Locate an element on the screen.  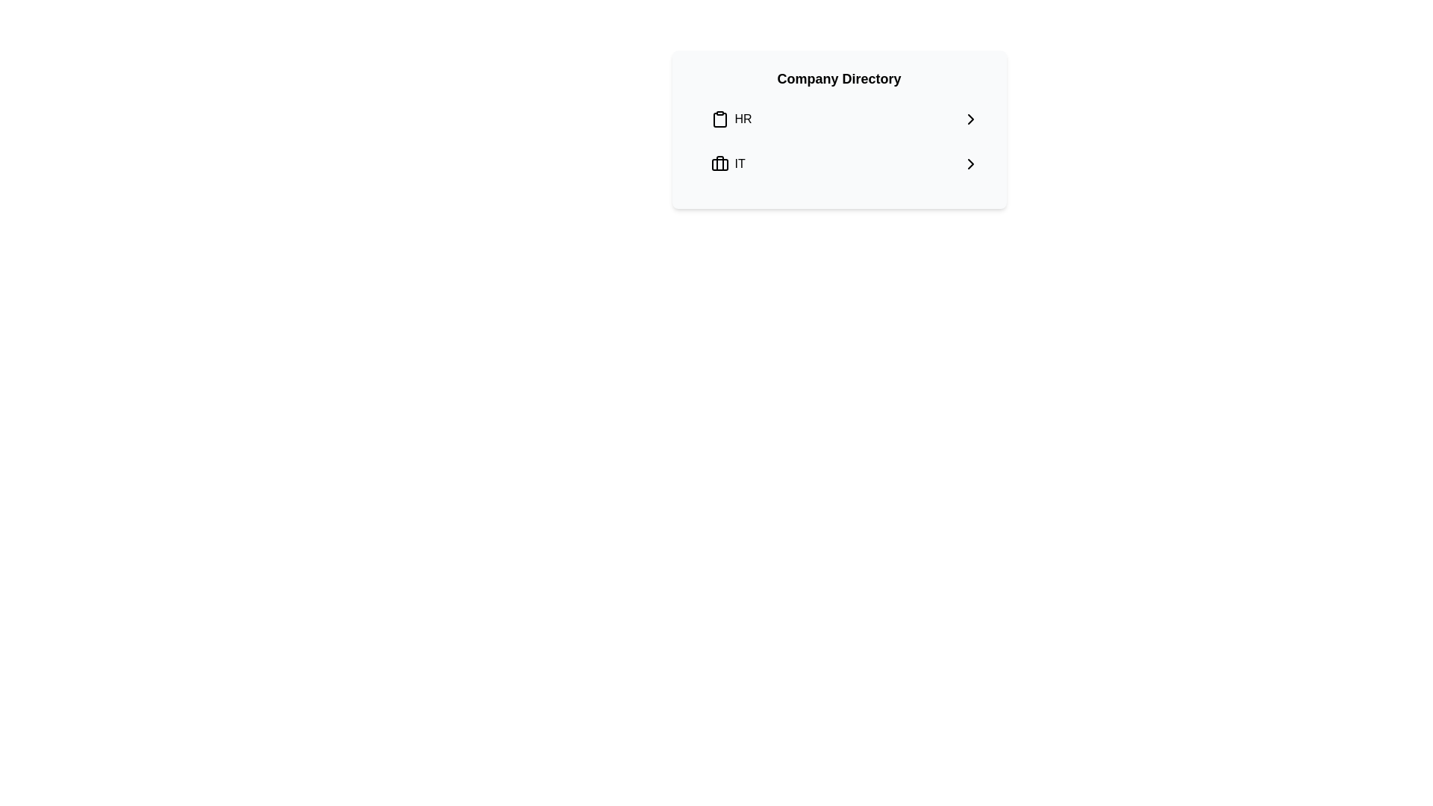
the navigation icon located on the rightmost side of the 'IT' row in the 'Company Directory' section is located at coordinates (970, 163).